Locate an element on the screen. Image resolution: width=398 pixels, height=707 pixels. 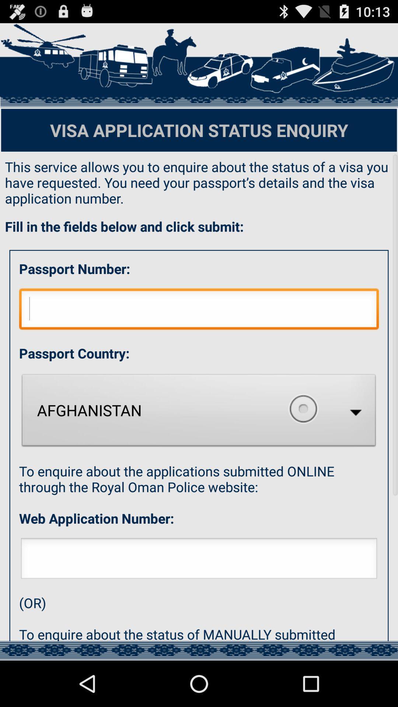
type the web application number is located at coordinates (199, 560).